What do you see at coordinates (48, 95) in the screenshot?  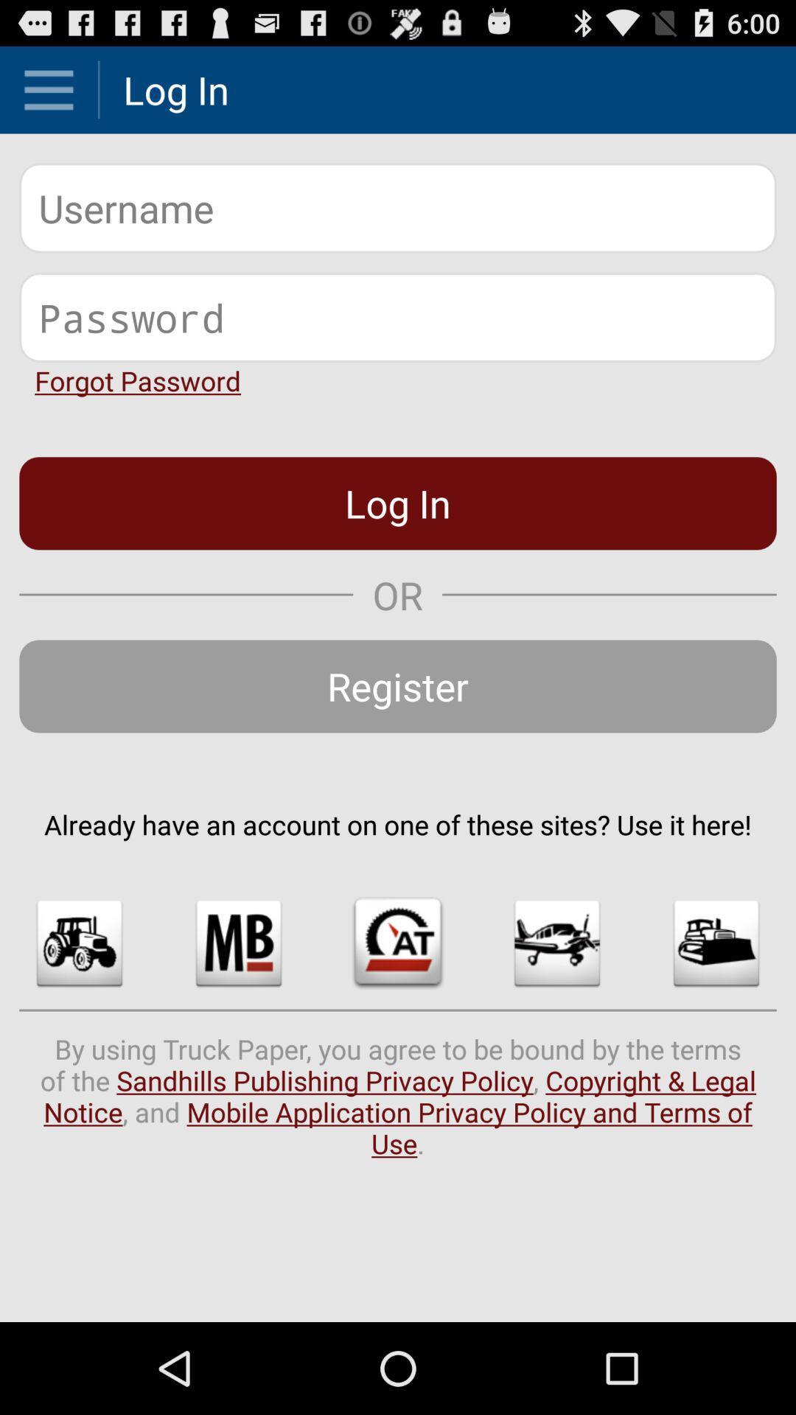 I see `the menu icon` at bounding box center [48, 95].